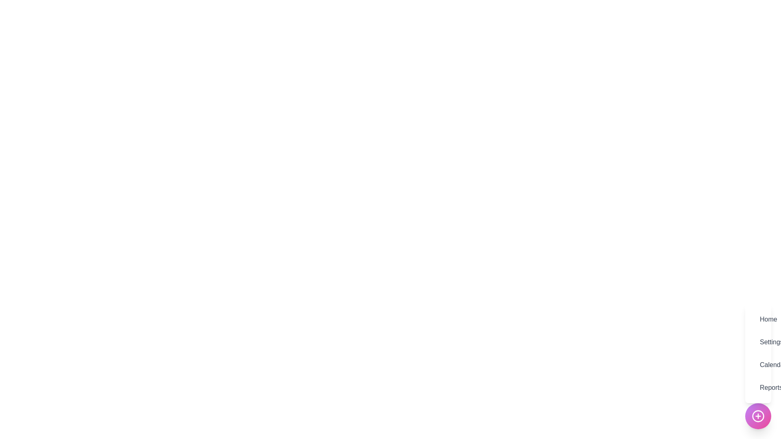  Describe the element at coordinates (757, 342) in the screenshot. I see `the menu item labeled Settings to see its hover effect` at that location.